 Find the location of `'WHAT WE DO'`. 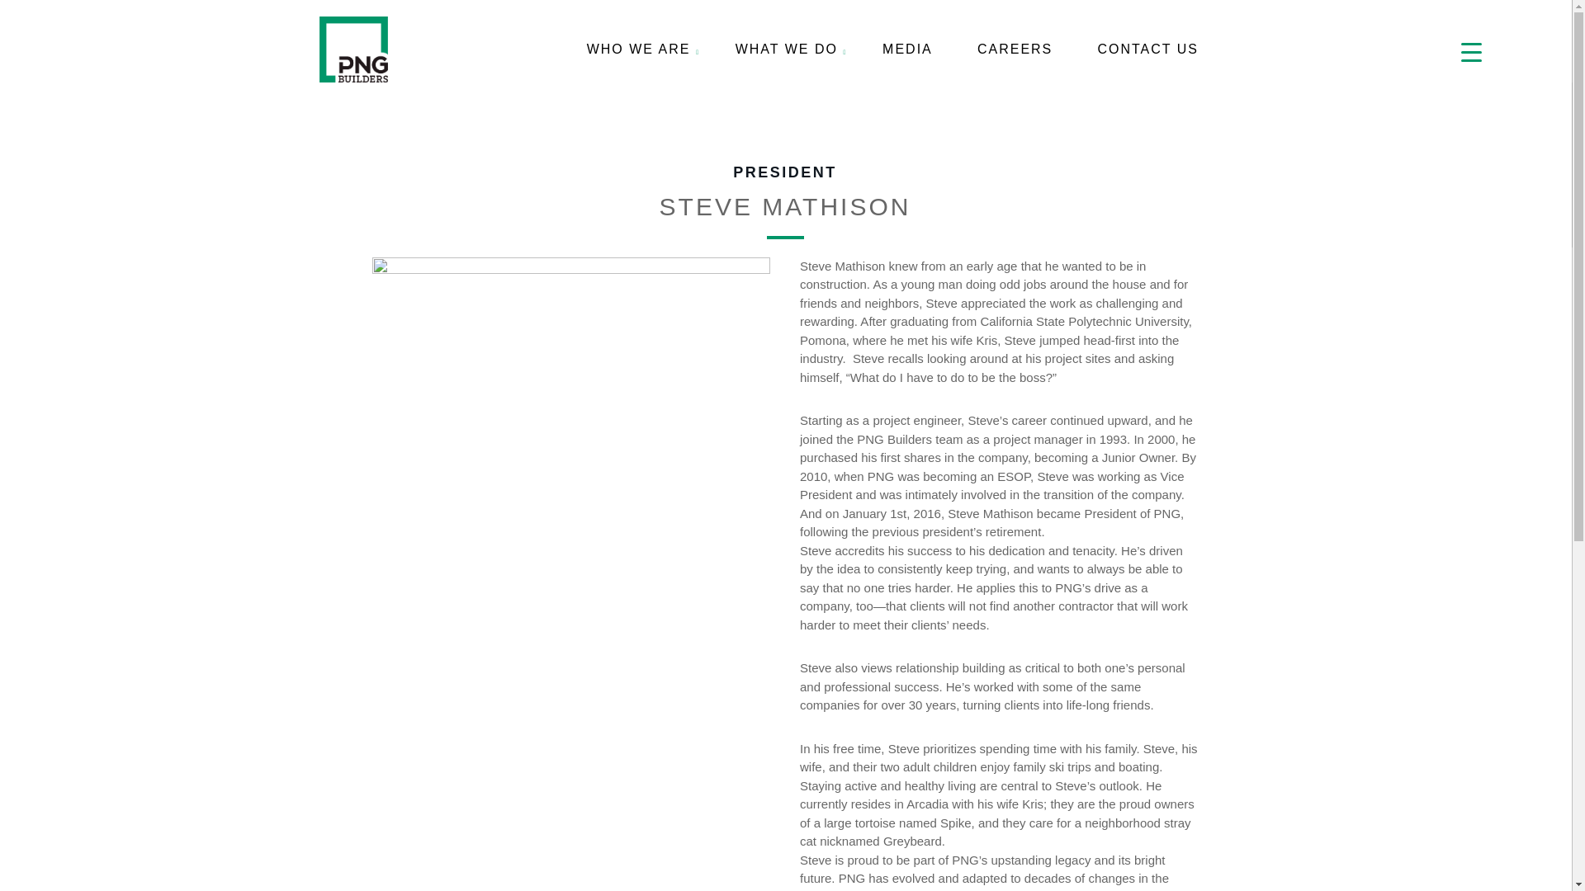

'WHAT WE DO' is located at coordinates (735, 49).